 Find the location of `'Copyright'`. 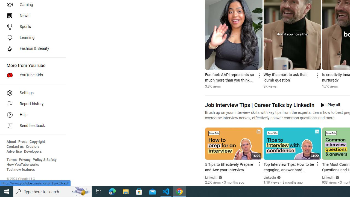

'Copyright' is located at coordinates (37, 141).